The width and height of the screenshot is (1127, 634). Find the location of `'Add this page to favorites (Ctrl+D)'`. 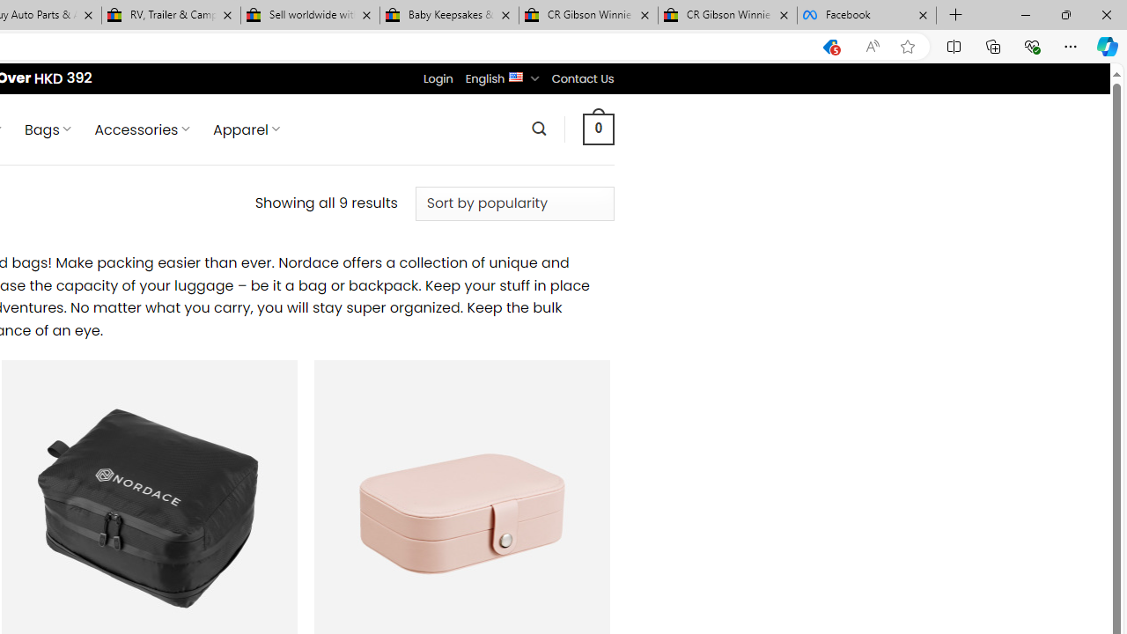

'Add this page to favorites (Ctrl+D)' is located at coordinates (908, 46).